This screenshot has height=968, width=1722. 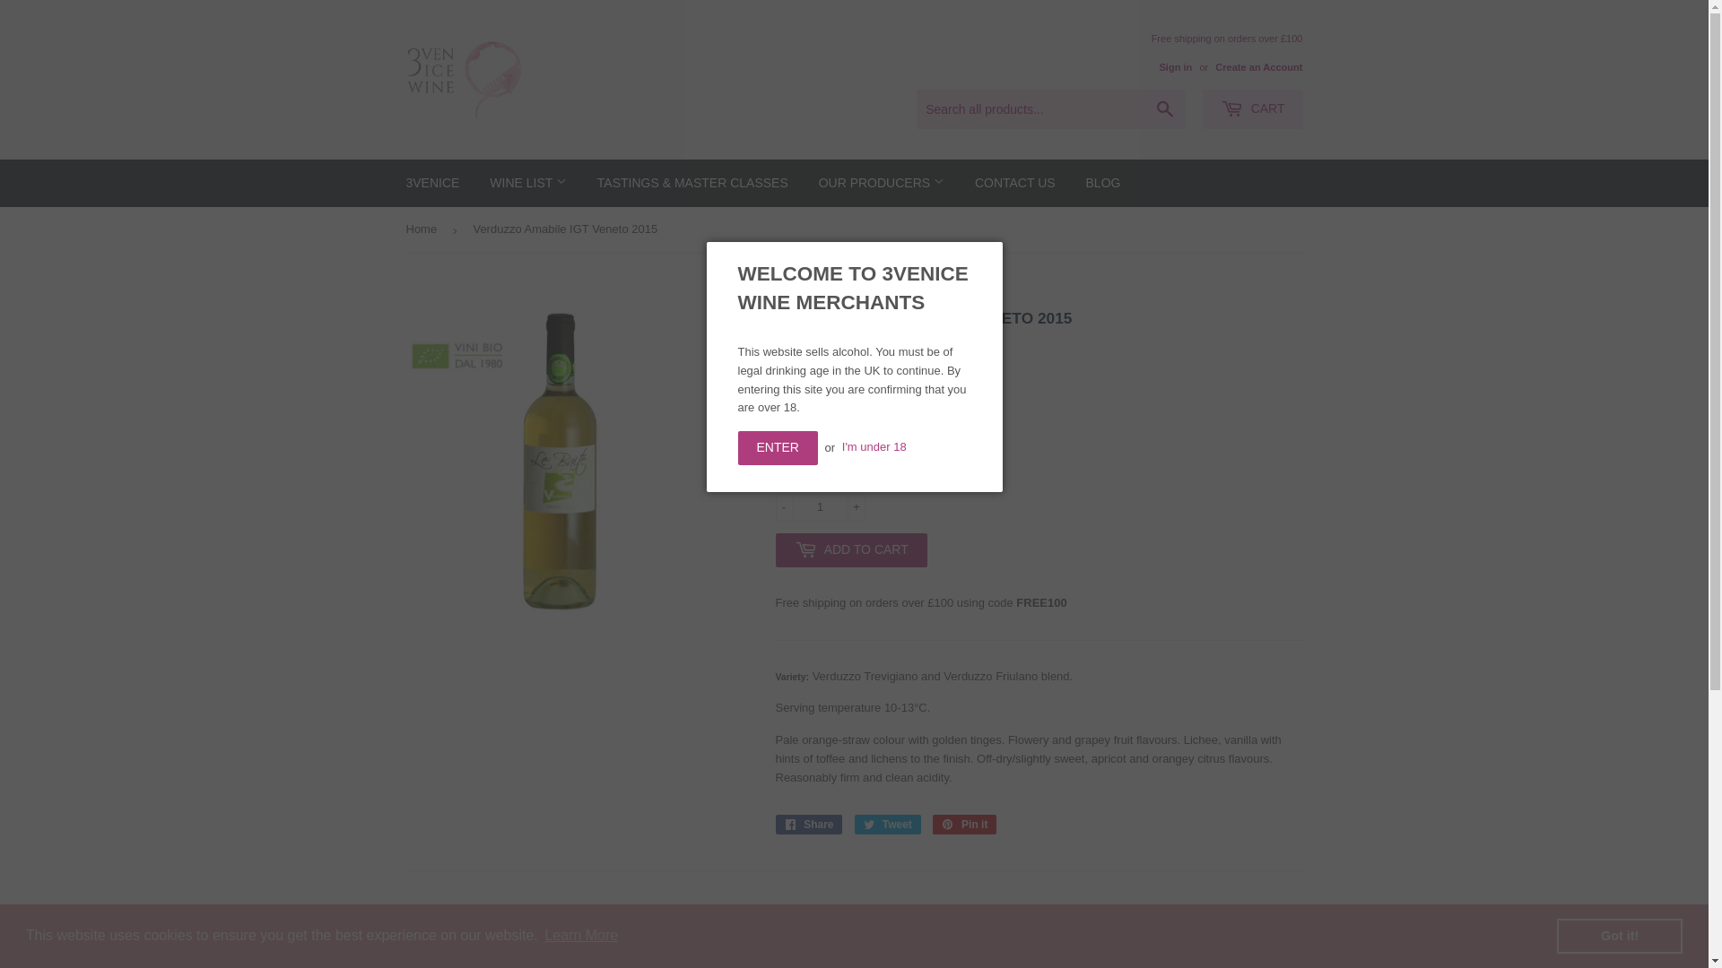 What do you see at coordinates (423, 229) in the screenshot?
I see `'Home'` at bounding box center [423, 229].